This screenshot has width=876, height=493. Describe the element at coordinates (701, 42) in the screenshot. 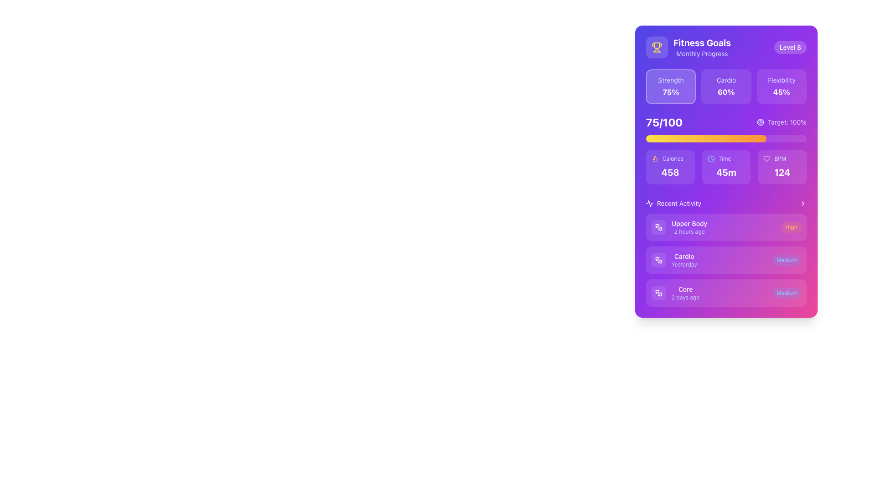

I see `text from the header that introduces the fitness goals card, located at the top-center of the card interface` at that location.